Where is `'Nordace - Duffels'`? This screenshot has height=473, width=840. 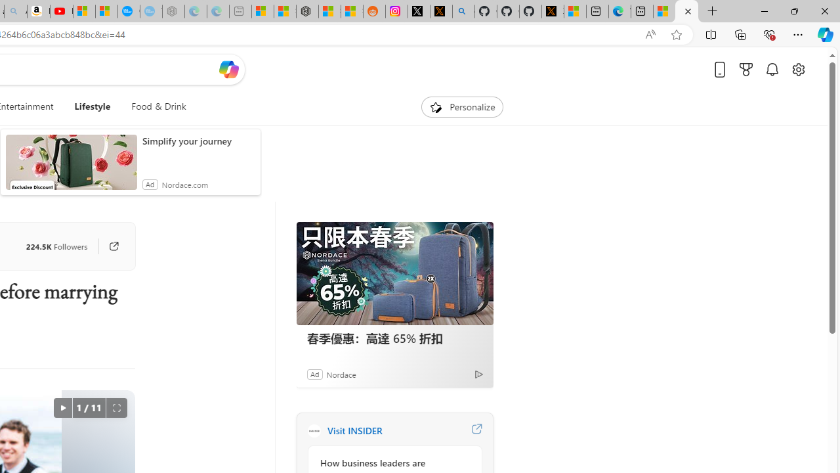
'Nordace - Duffels' is located at coordinates (306, 11).